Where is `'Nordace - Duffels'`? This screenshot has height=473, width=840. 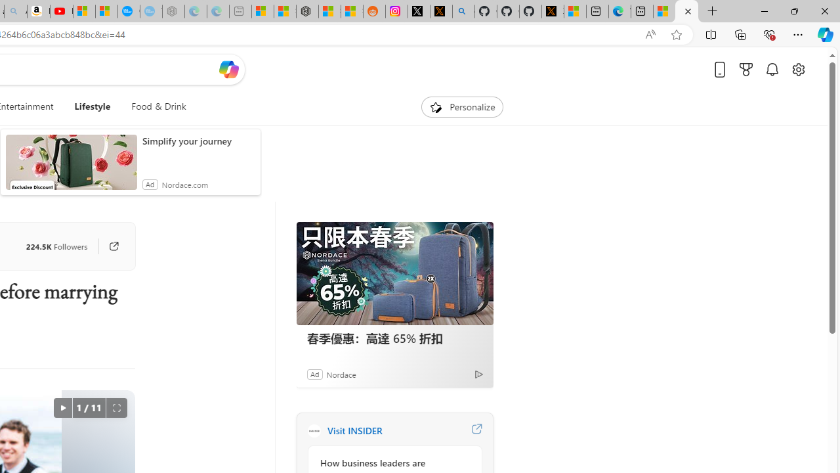
'Nordace - Duffels' is located at coordinates (306, 11).